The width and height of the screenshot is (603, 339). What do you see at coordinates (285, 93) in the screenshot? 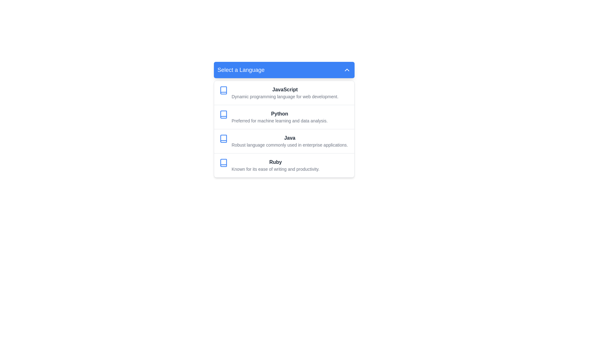
I see `the first list item representing the programming language 'JavaScript' in the 'Select a Language' dropdown menu` at bounding box center [285, 93].